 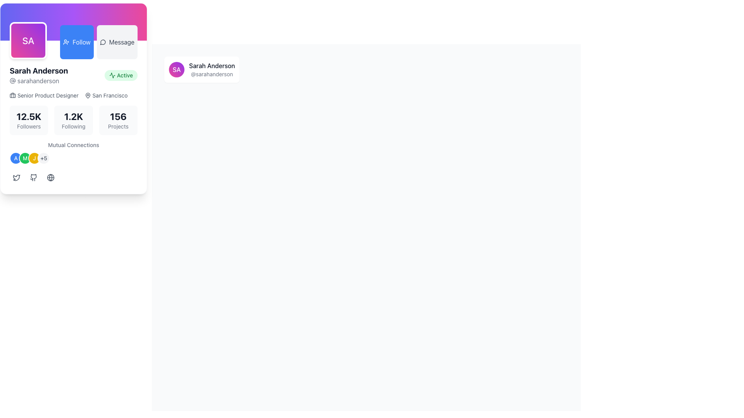 I want to click on the user's profile icon located in the top-left corner of the section containing interactive buttons and a user profile card, so click(x=28, y=40).